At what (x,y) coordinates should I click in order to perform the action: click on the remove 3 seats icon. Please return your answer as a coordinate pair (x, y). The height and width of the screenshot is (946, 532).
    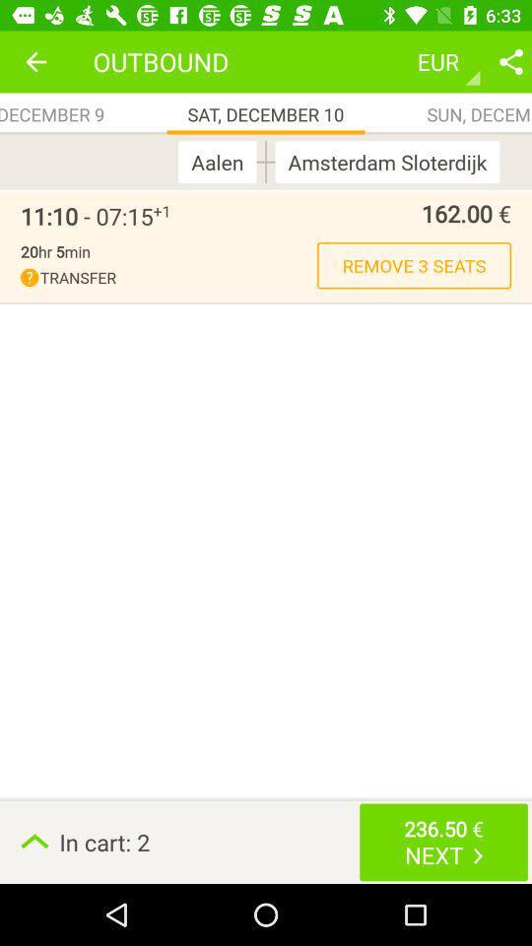
    Looking at the image, I should click on (413, 264).